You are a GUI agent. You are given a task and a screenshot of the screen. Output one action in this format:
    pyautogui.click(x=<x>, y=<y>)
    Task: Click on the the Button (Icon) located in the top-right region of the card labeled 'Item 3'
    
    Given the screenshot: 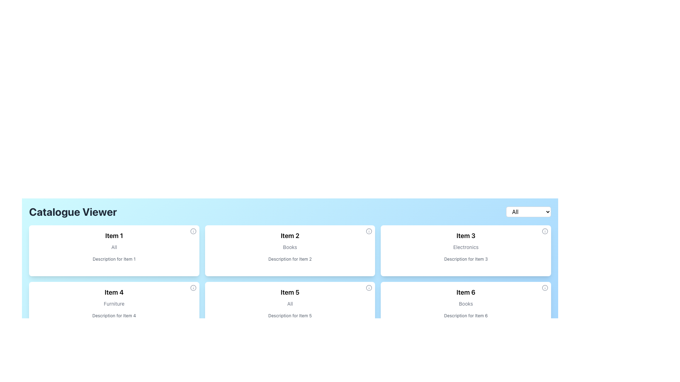 What is the action you would take?
    pyautogui.click(x=545, y=231)
    